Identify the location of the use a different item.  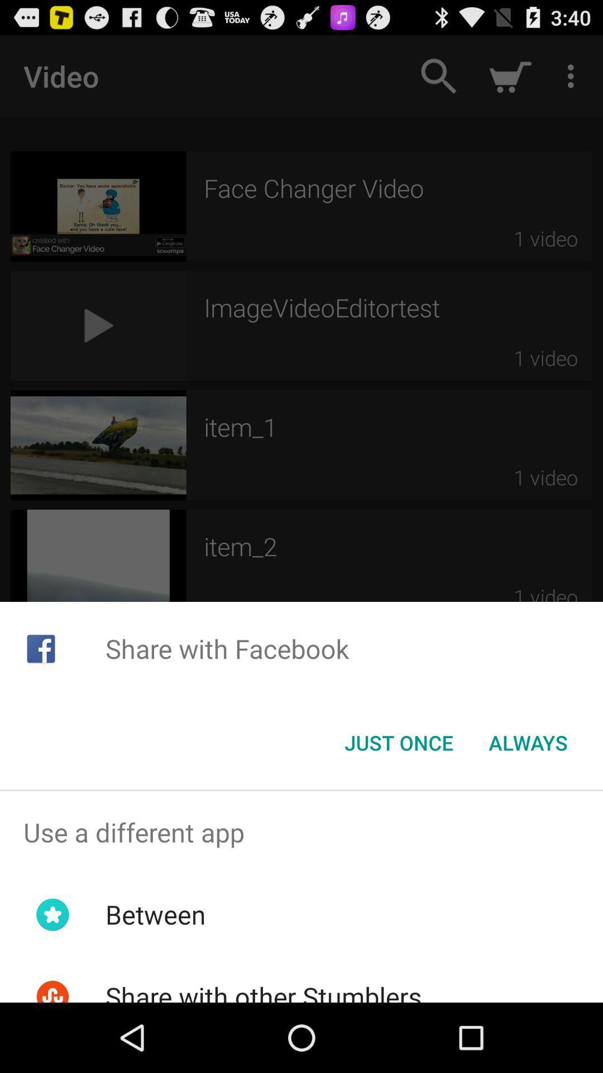
(301, 832).